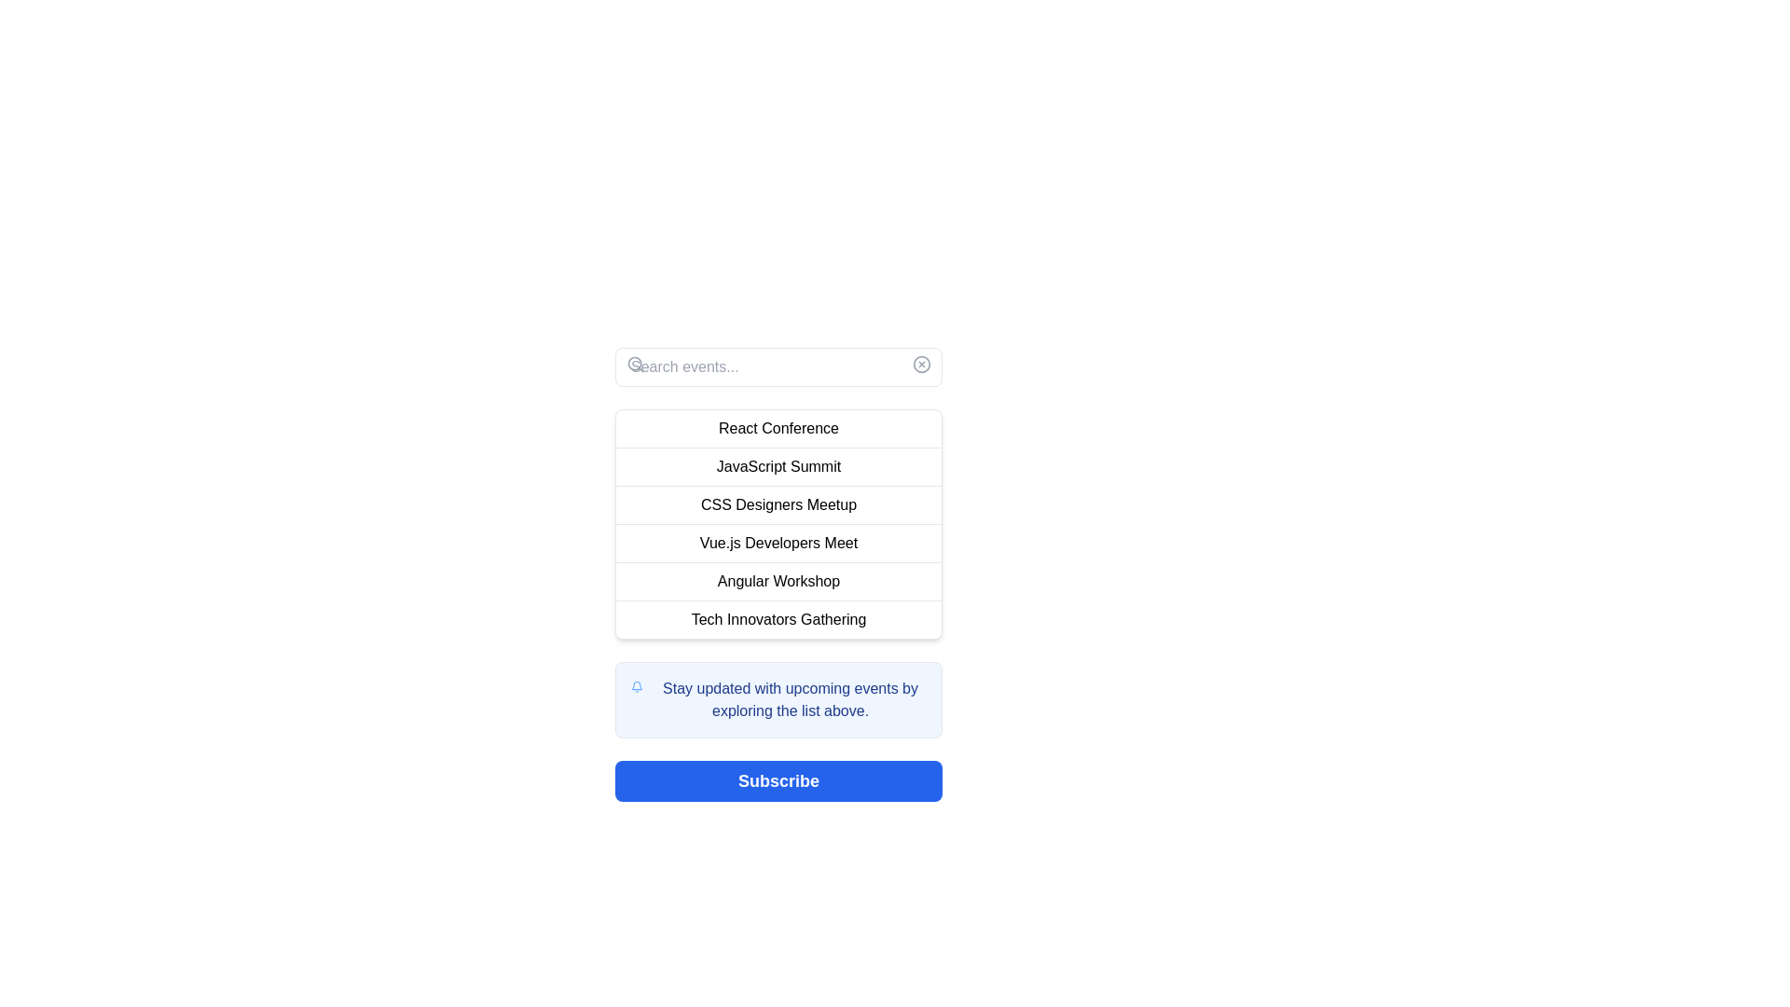  I want to click on the list item titled 'JavaScript Summit', so click(778, 465).